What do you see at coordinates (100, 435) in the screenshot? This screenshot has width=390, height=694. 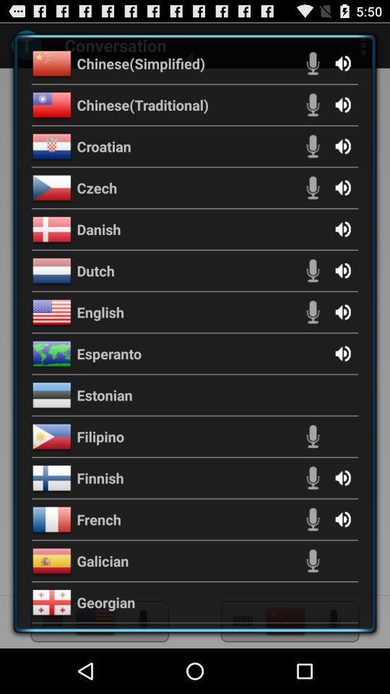 I see `the icon above finnish icon` at bounding box center [100, 435].